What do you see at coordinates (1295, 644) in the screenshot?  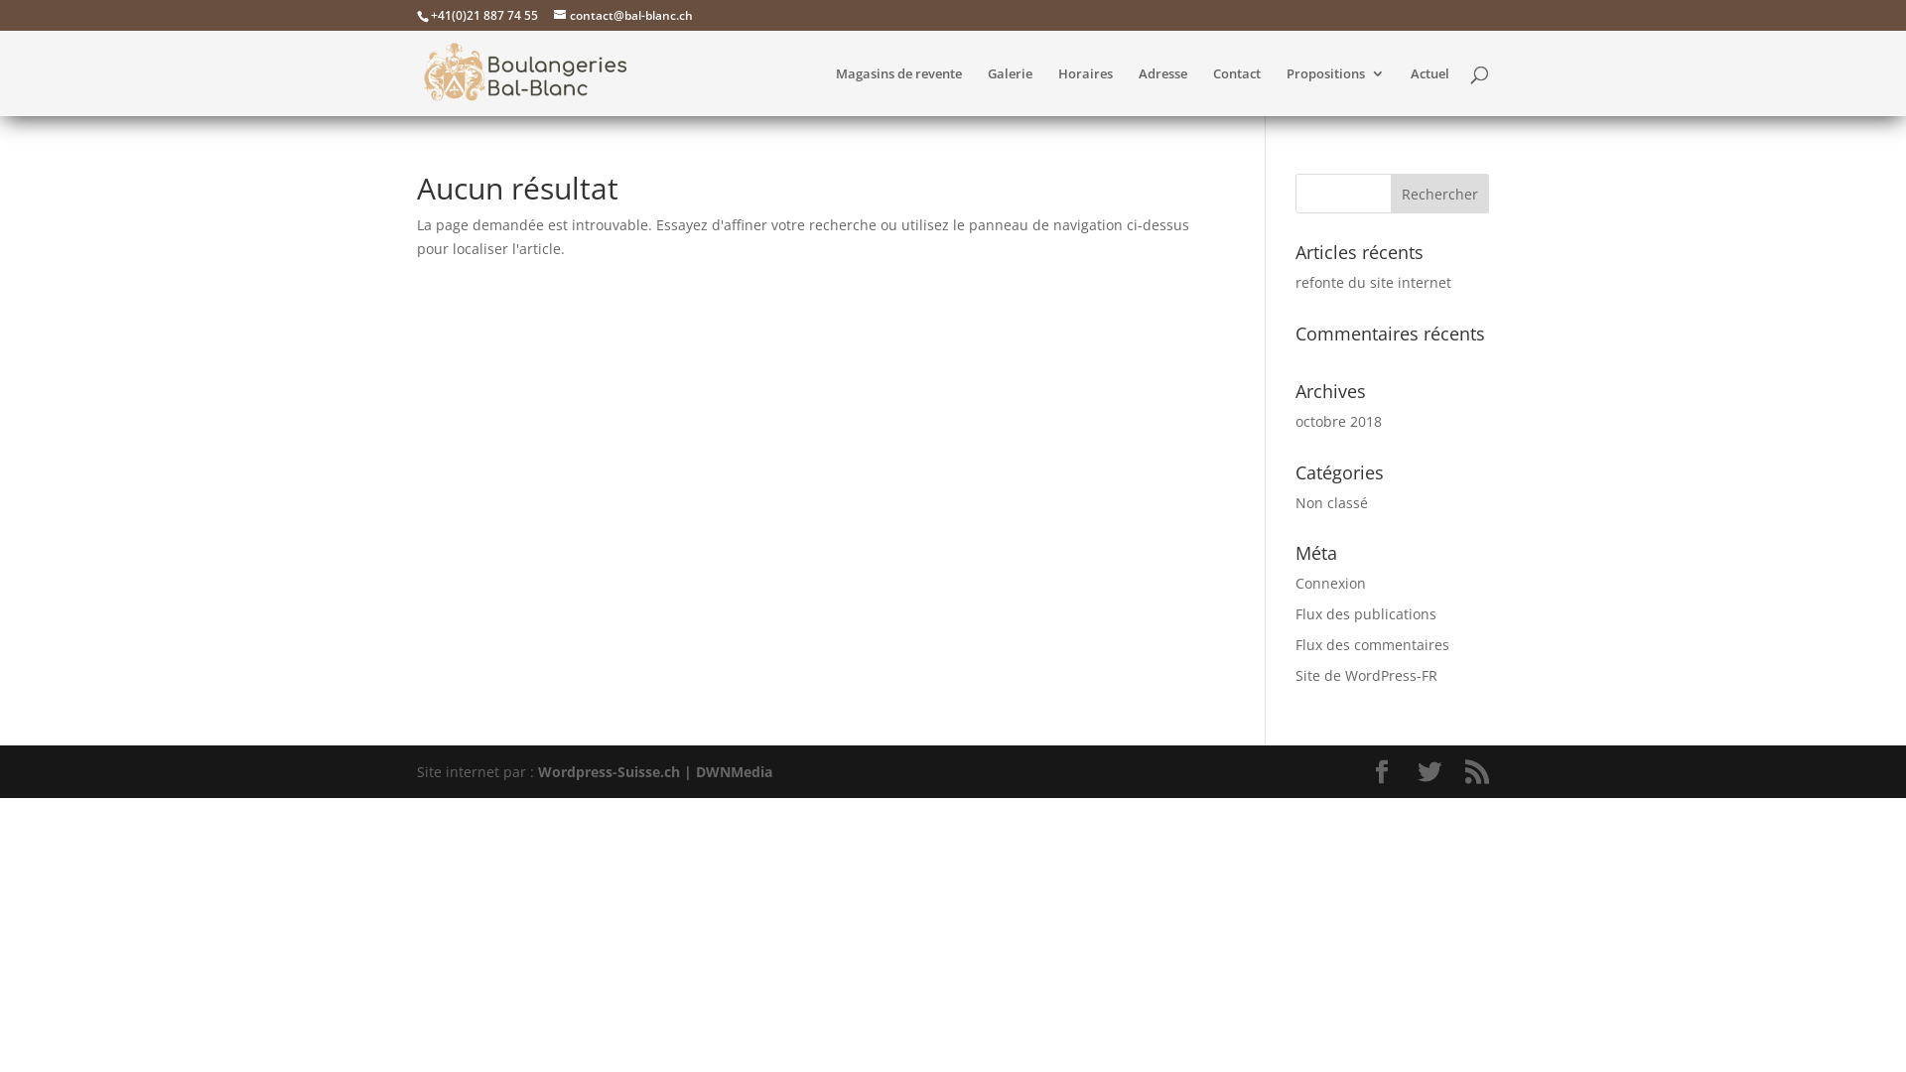 I see `'Flux des commentaires'` at bounding box center [1295, 644].